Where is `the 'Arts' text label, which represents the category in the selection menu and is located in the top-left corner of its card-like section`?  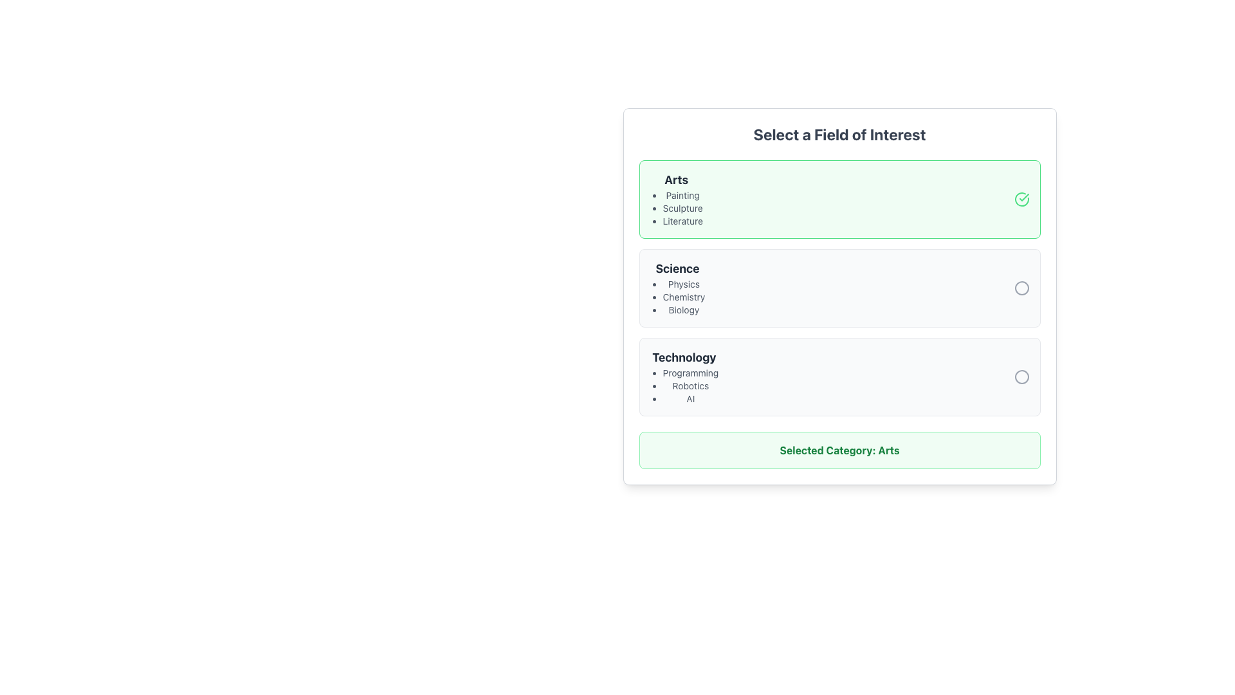 the 'Arts' text label, which represents the category in the selection menu and is located in the top-left corner of its card-like section is located at coordinates (675, 180).